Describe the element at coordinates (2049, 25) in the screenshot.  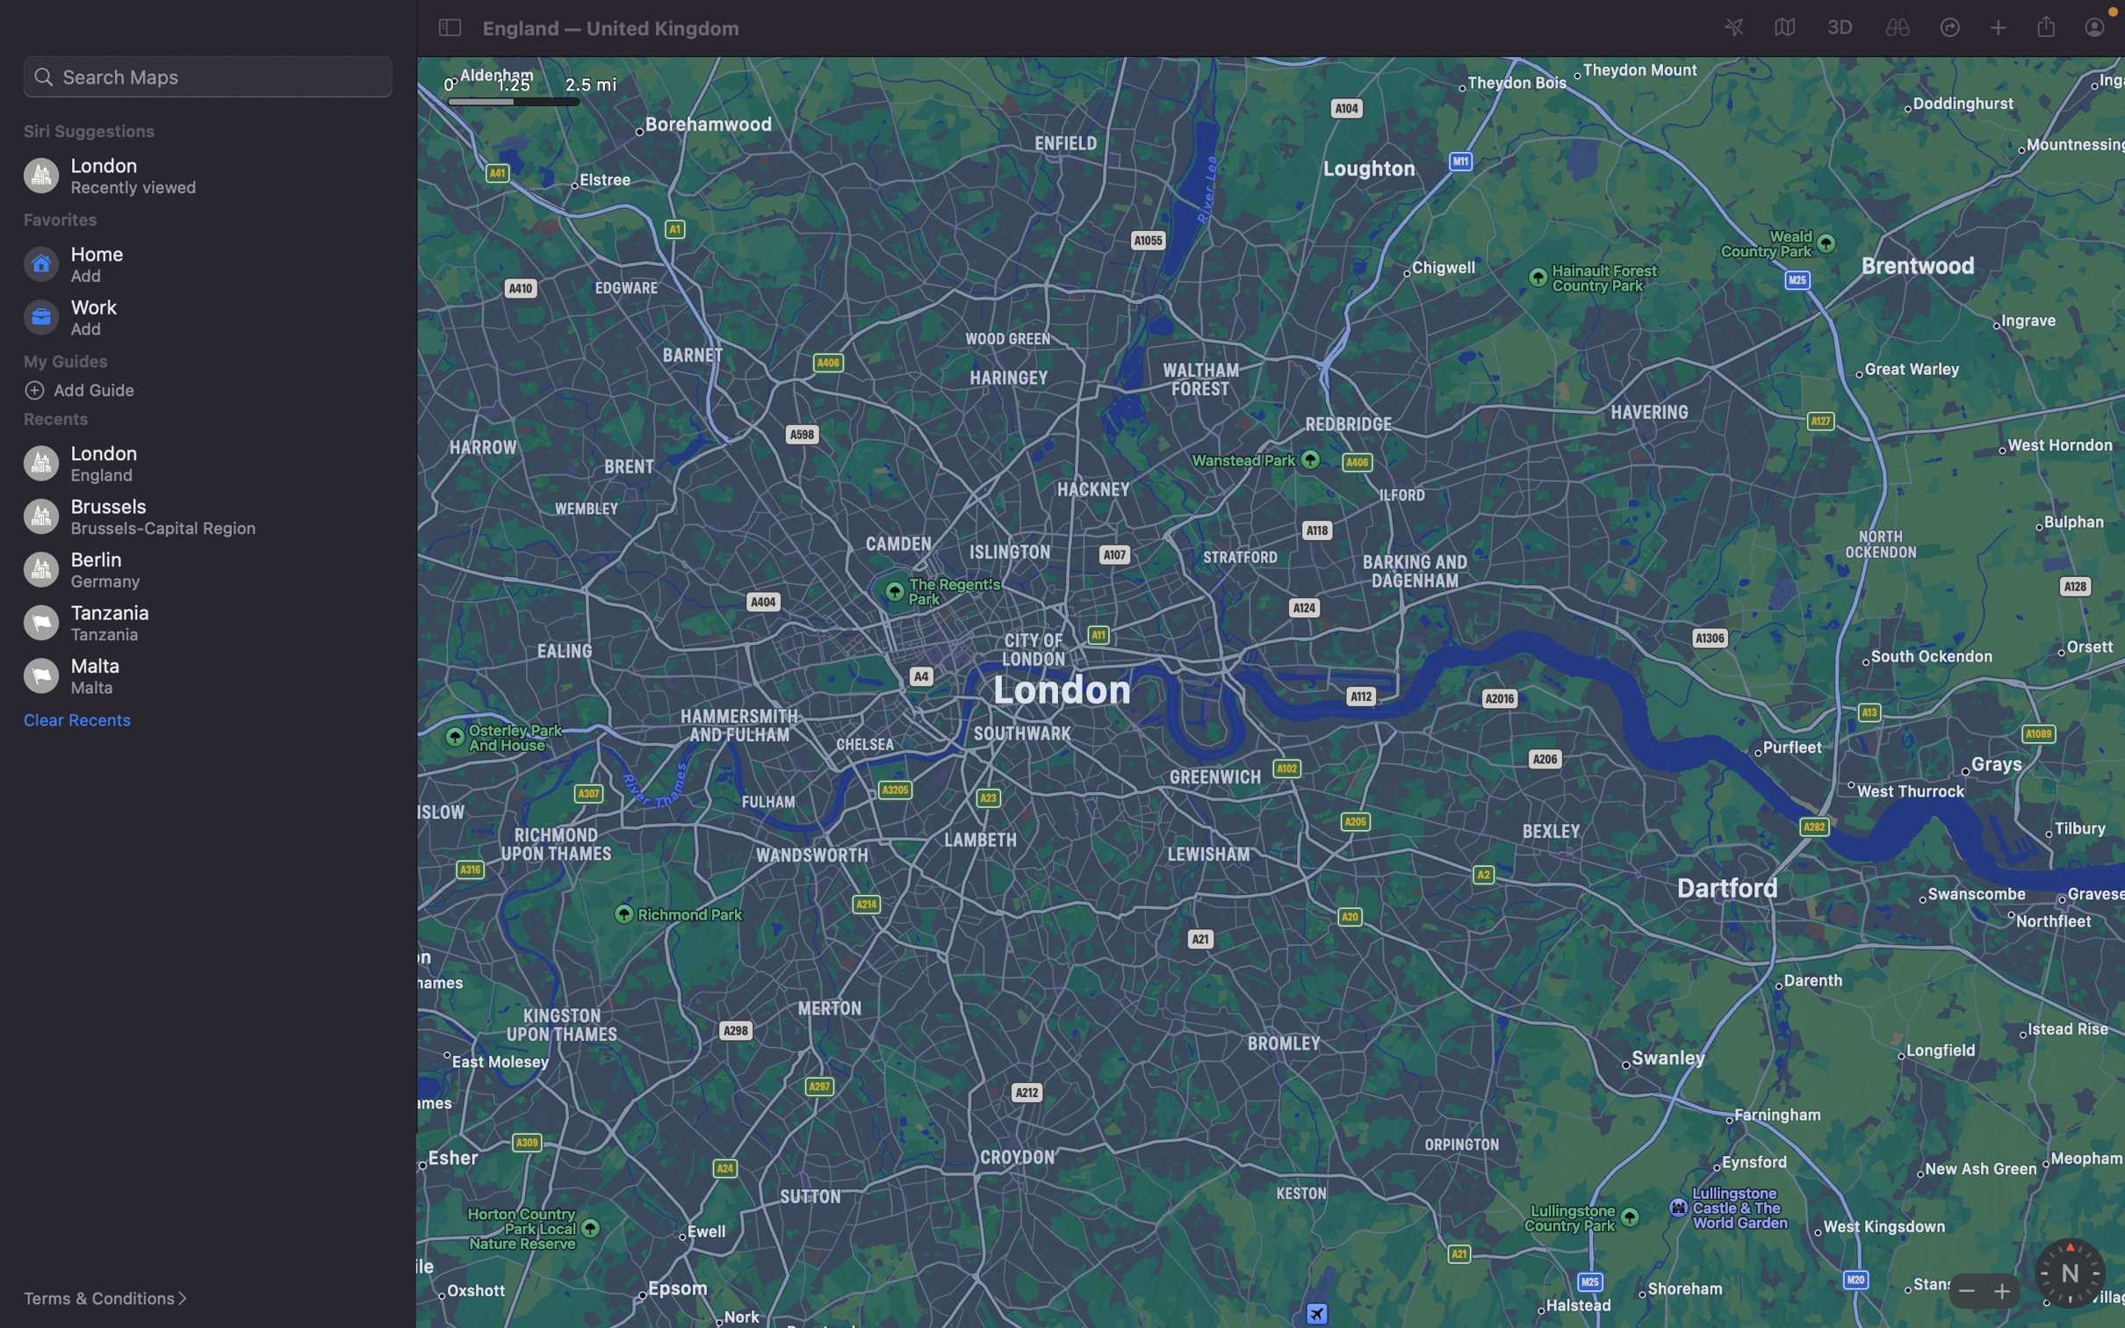
I see `Provide the existing map location` at that location.